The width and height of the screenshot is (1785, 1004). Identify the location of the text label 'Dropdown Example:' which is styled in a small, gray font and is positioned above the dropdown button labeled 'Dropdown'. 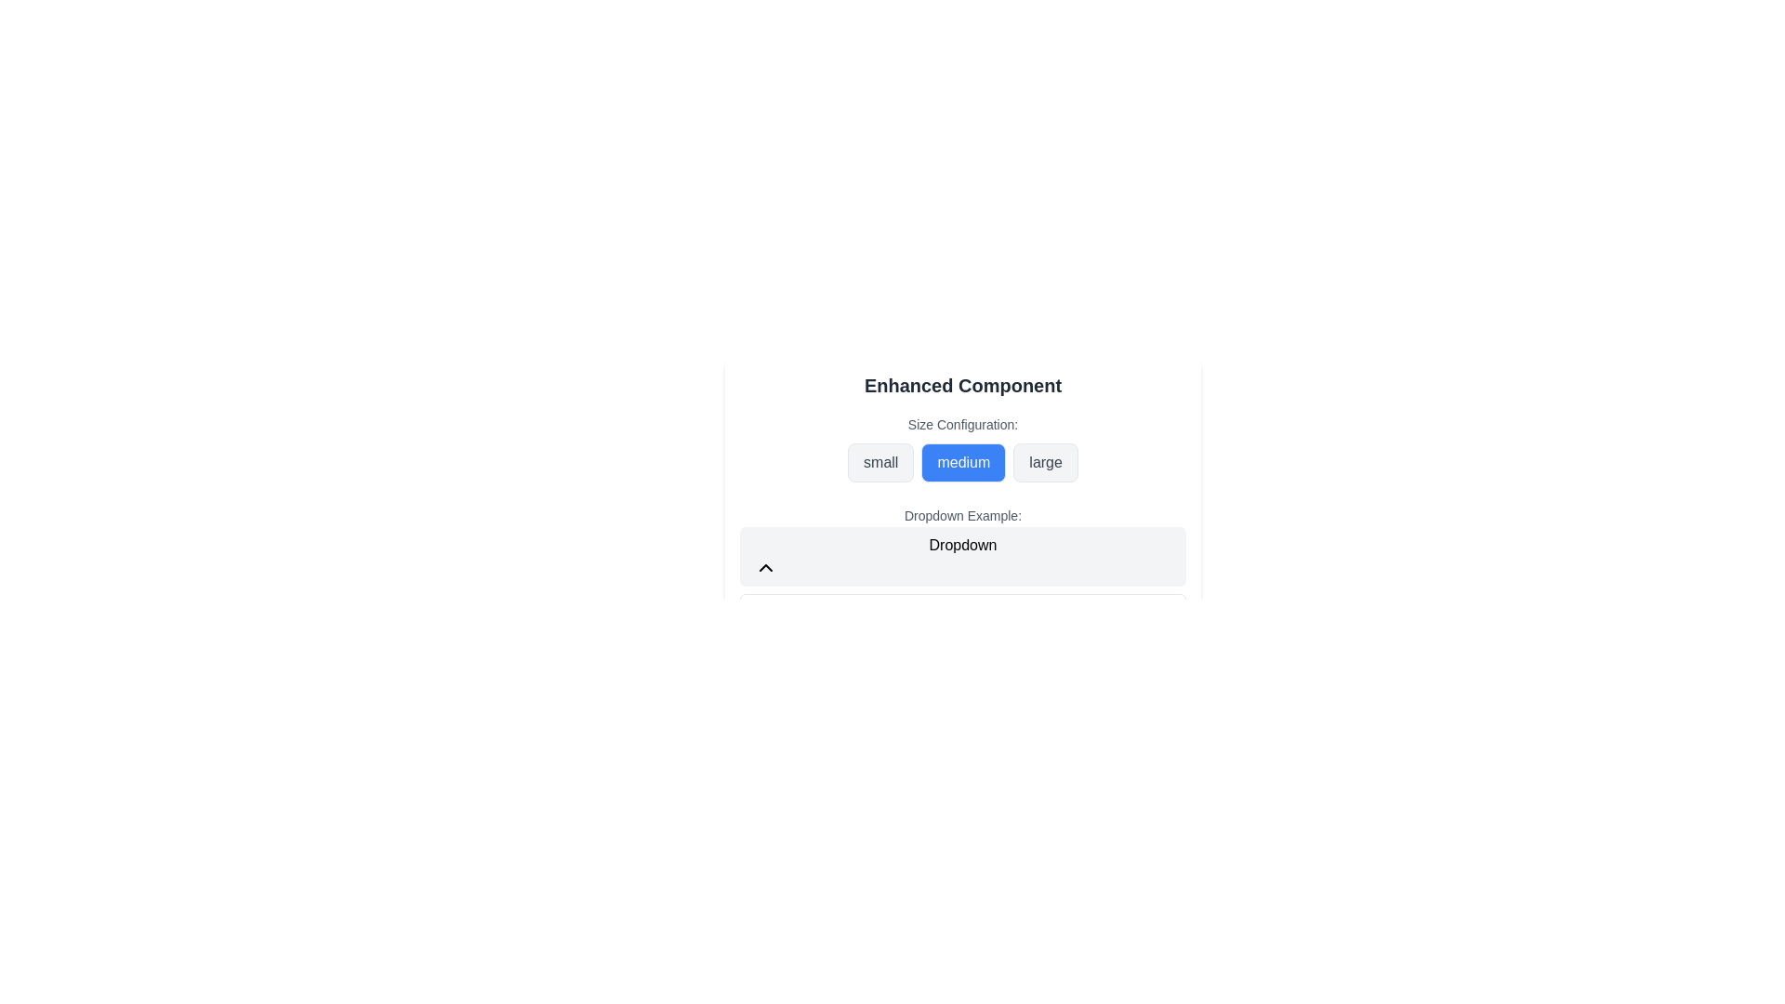
(963, 516).